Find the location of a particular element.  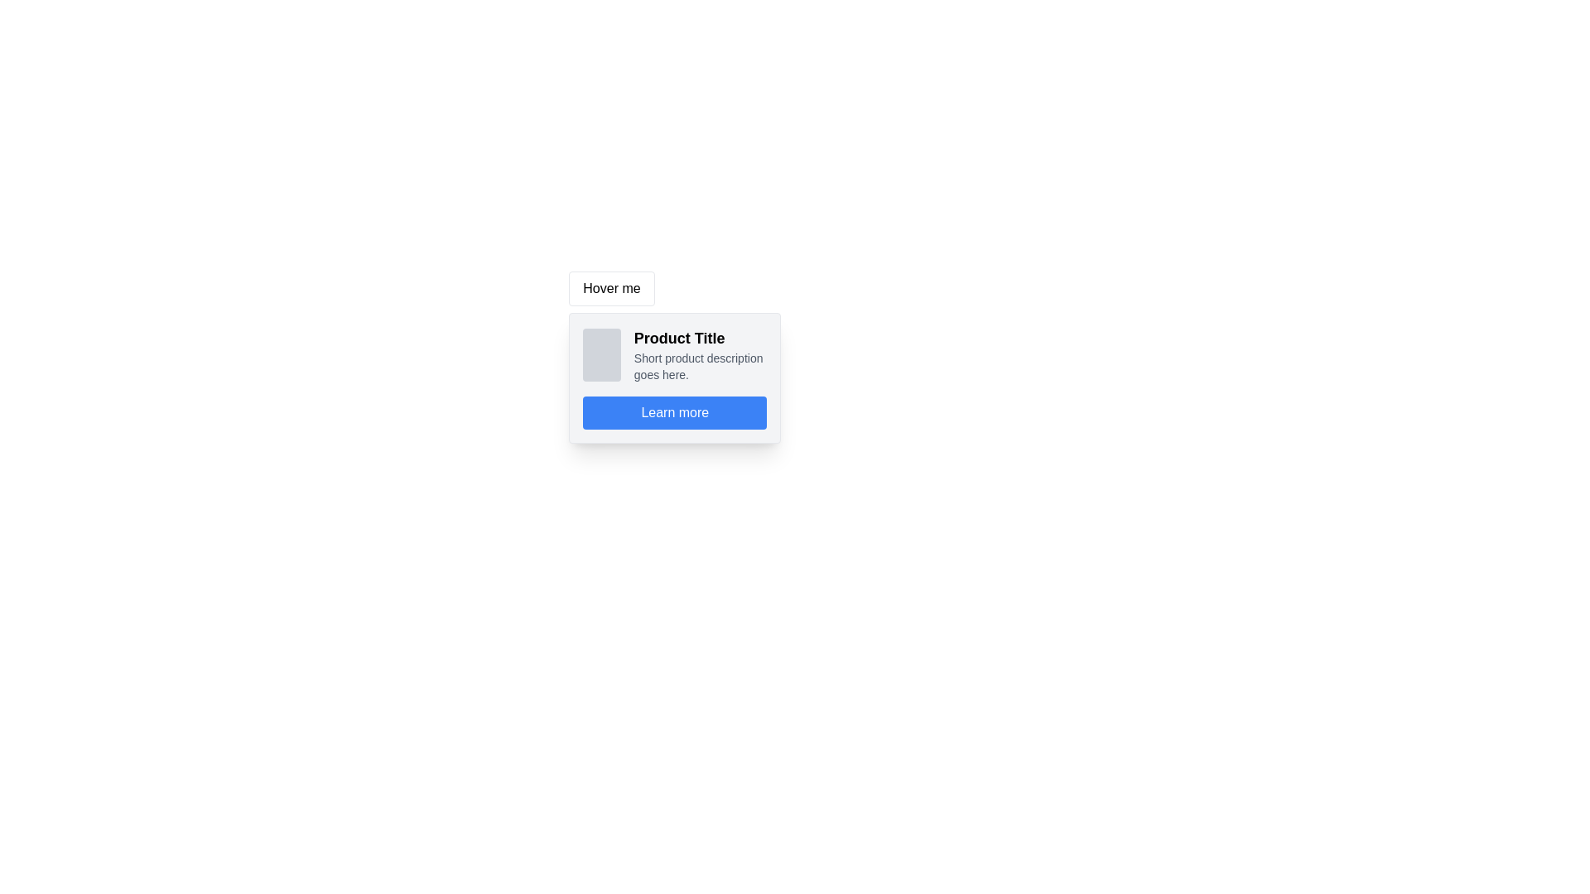

the title text block of the product card, which is located at the top of the card, aligned with the image to its left is located at coordinates (701, 337).